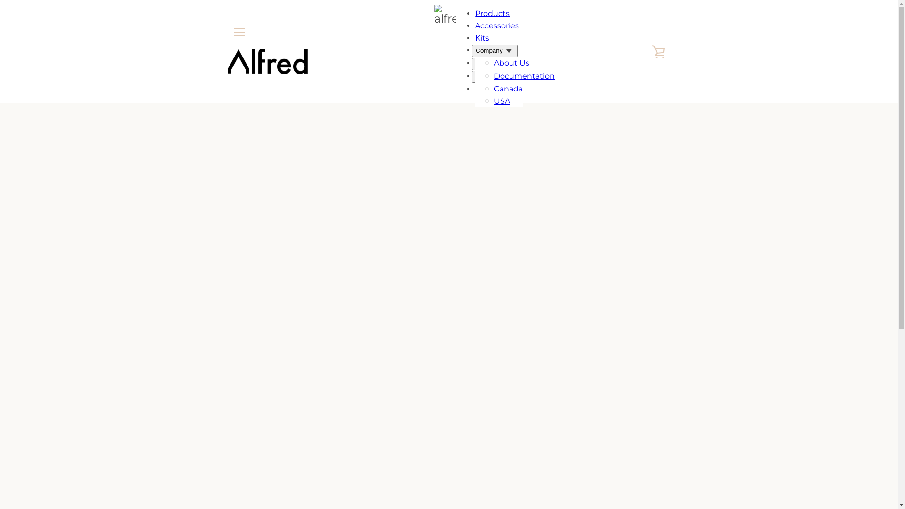 This screenshot has width=905, height=509. I want to click on 'Company, so click(472, 51).